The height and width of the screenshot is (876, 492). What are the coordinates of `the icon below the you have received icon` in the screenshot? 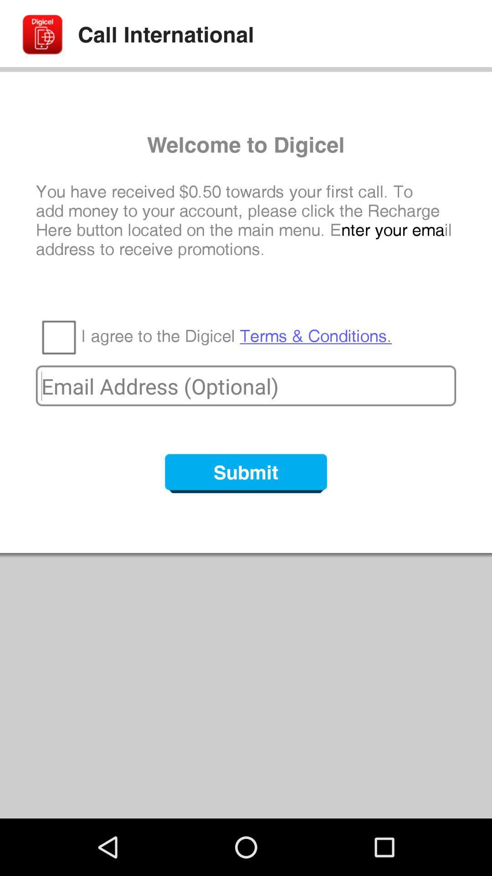 It's located at (236, 336).